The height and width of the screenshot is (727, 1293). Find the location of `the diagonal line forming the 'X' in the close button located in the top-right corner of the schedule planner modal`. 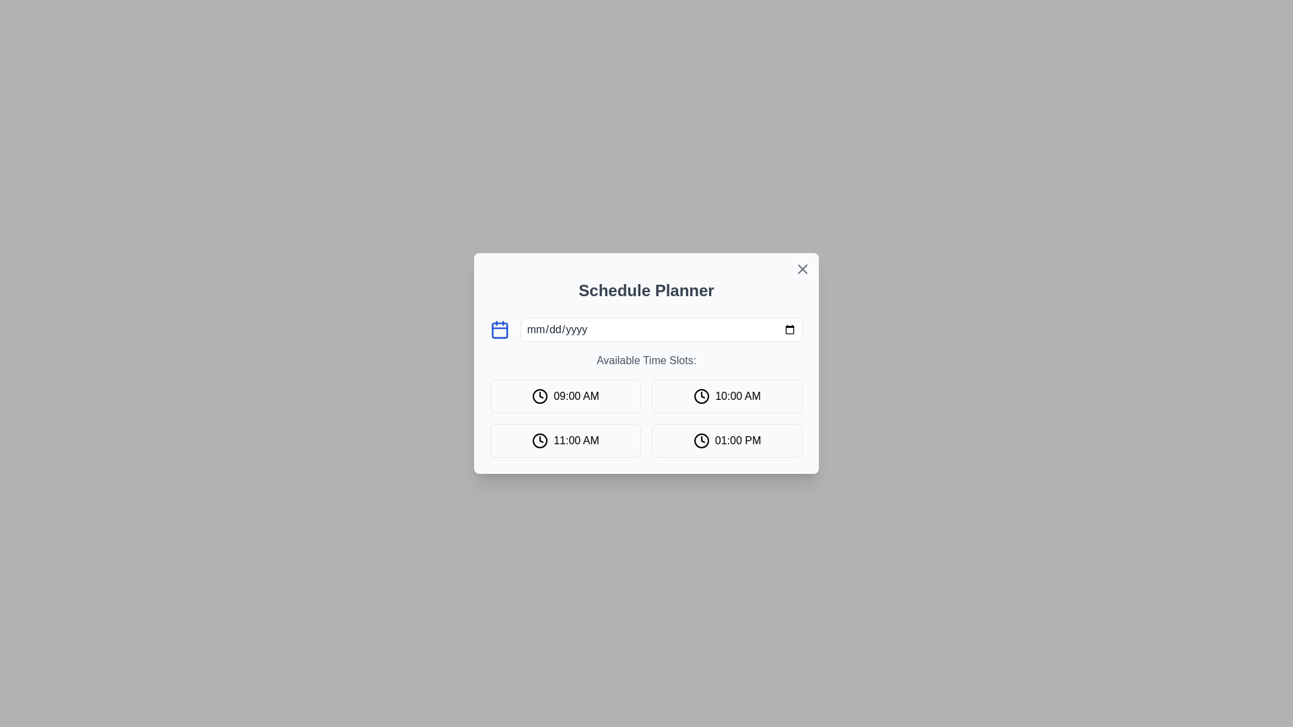

the diagonal line forming the 'X' in the close button located in the top-right corner of the schedule planner modal is located at coordinates (802, 269).